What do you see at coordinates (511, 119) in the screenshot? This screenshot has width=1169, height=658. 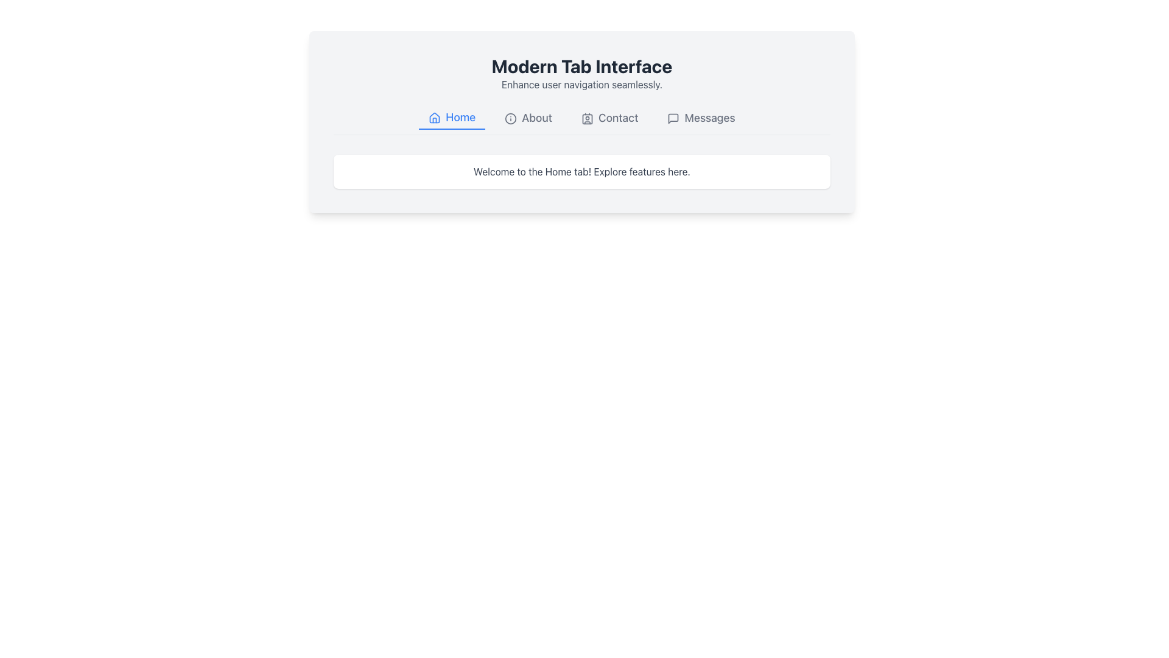 I see `the informational icon located in the navigation bar to the immediate left of the 'About' text` at bounding box center [511, 119].